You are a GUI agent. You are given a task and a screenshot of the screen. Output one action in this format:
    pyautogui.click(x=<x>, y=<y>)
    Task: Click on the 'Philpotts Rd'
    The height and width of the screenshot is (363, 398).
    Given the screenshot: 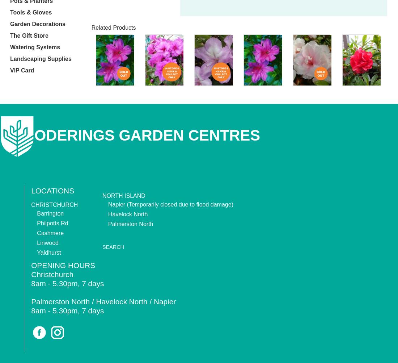 What is the action you would take?
    pyautogui.click(x=52, y=222)
    